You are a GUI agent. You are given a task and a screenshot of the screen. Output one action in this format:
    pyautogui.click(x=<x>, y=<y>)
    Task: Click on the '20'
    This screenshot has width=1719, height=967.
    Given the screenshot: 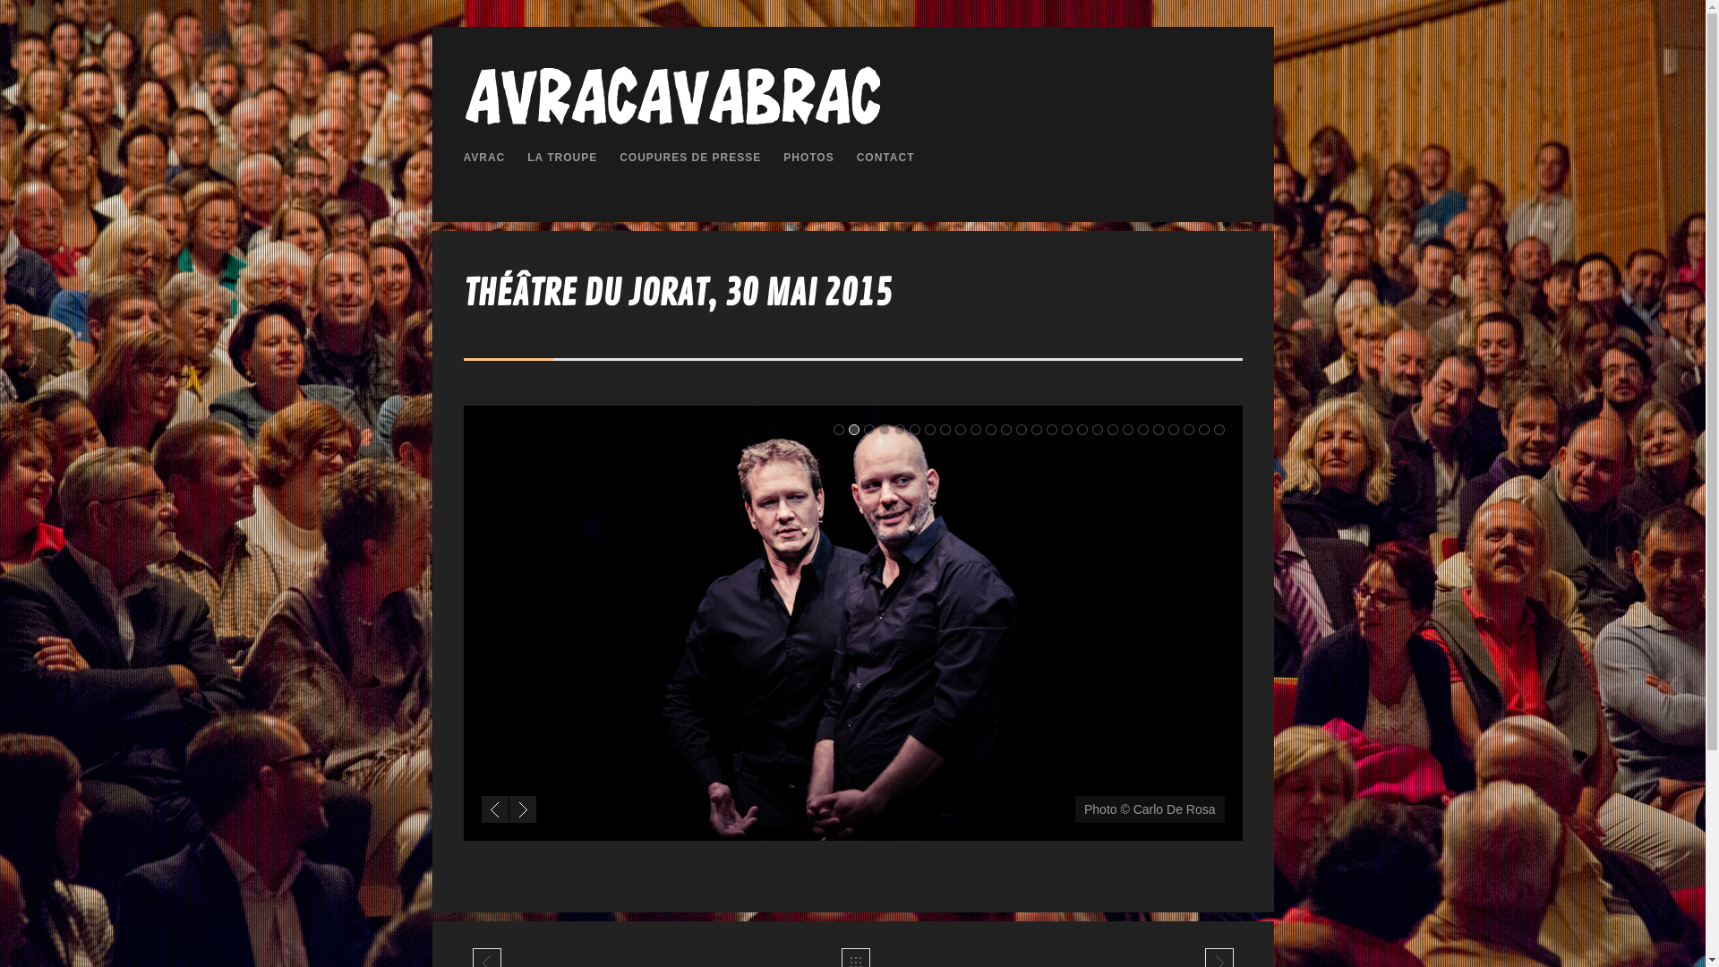 What is the action you would take?
    pyautogui.click(x=1126, y=429)
    